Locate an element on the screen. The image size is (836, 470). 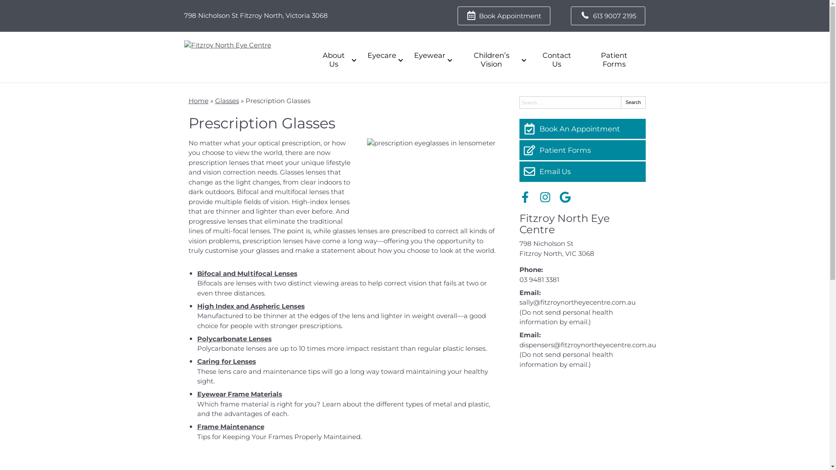
'dispensers@fitzroynortheyecentre.com.au' is located at coordinates (587, 344).